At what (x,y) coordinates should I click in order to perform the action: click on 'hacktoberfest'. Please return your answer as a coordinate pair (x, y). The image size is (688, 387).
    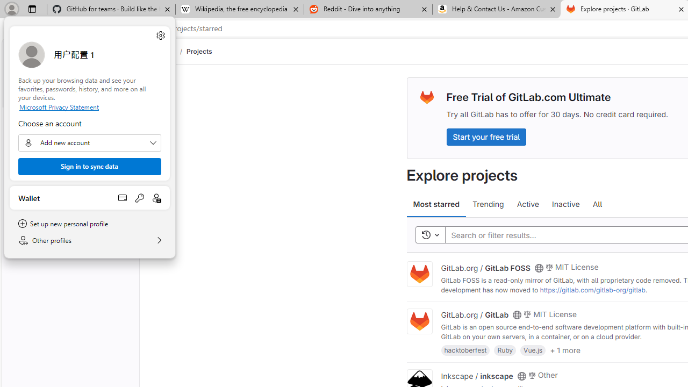
    Looking at the image, I should click on (465, 350).